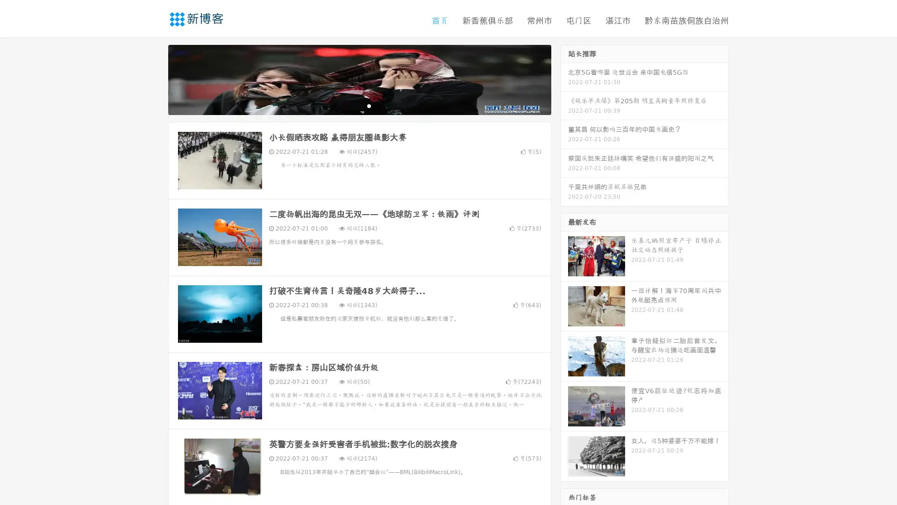 The width and height of the screenshot is (897, 505). Describe the element at coordinates (564, 79) in the screenshot. I see `Next slide` at that location.